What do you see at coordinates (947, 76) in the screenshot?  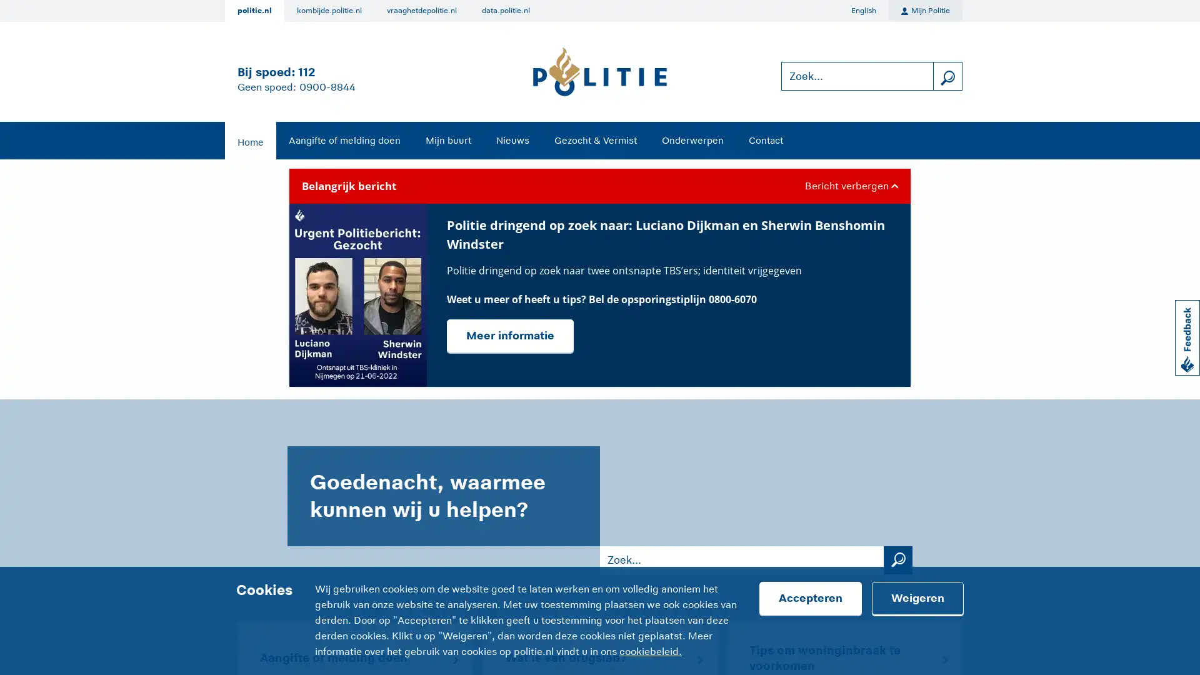 I see `zoeken` at bounding box center [947, 76].